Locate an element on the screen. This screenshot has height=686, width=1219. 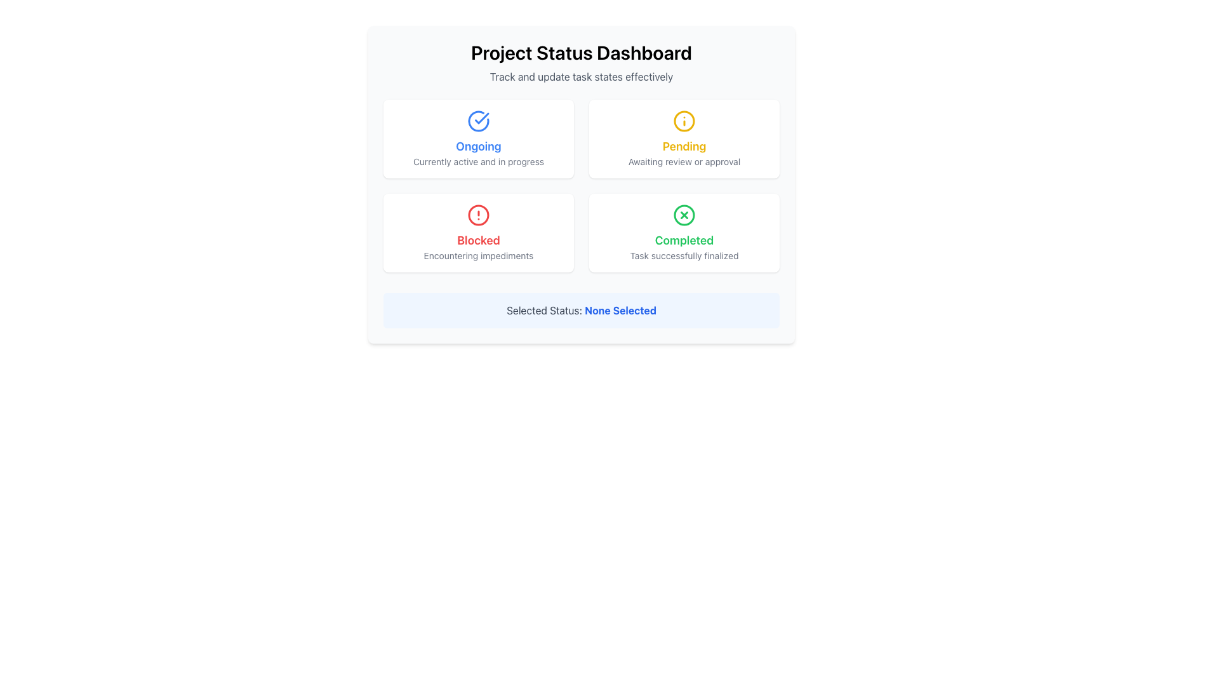
the yellow outlined circular icon representing the 'Pending' status indicator, which is located in the top right quadrant of the grid structure is located at coordinates (684, 121).